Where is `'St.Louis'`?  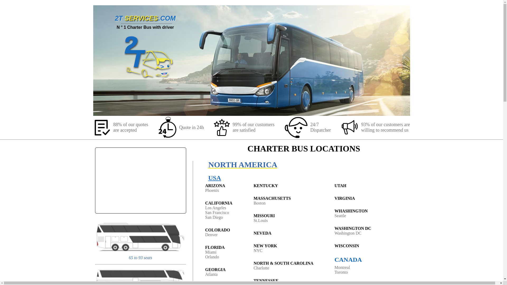 'St.Louis' is located at coordinates (261, 220).